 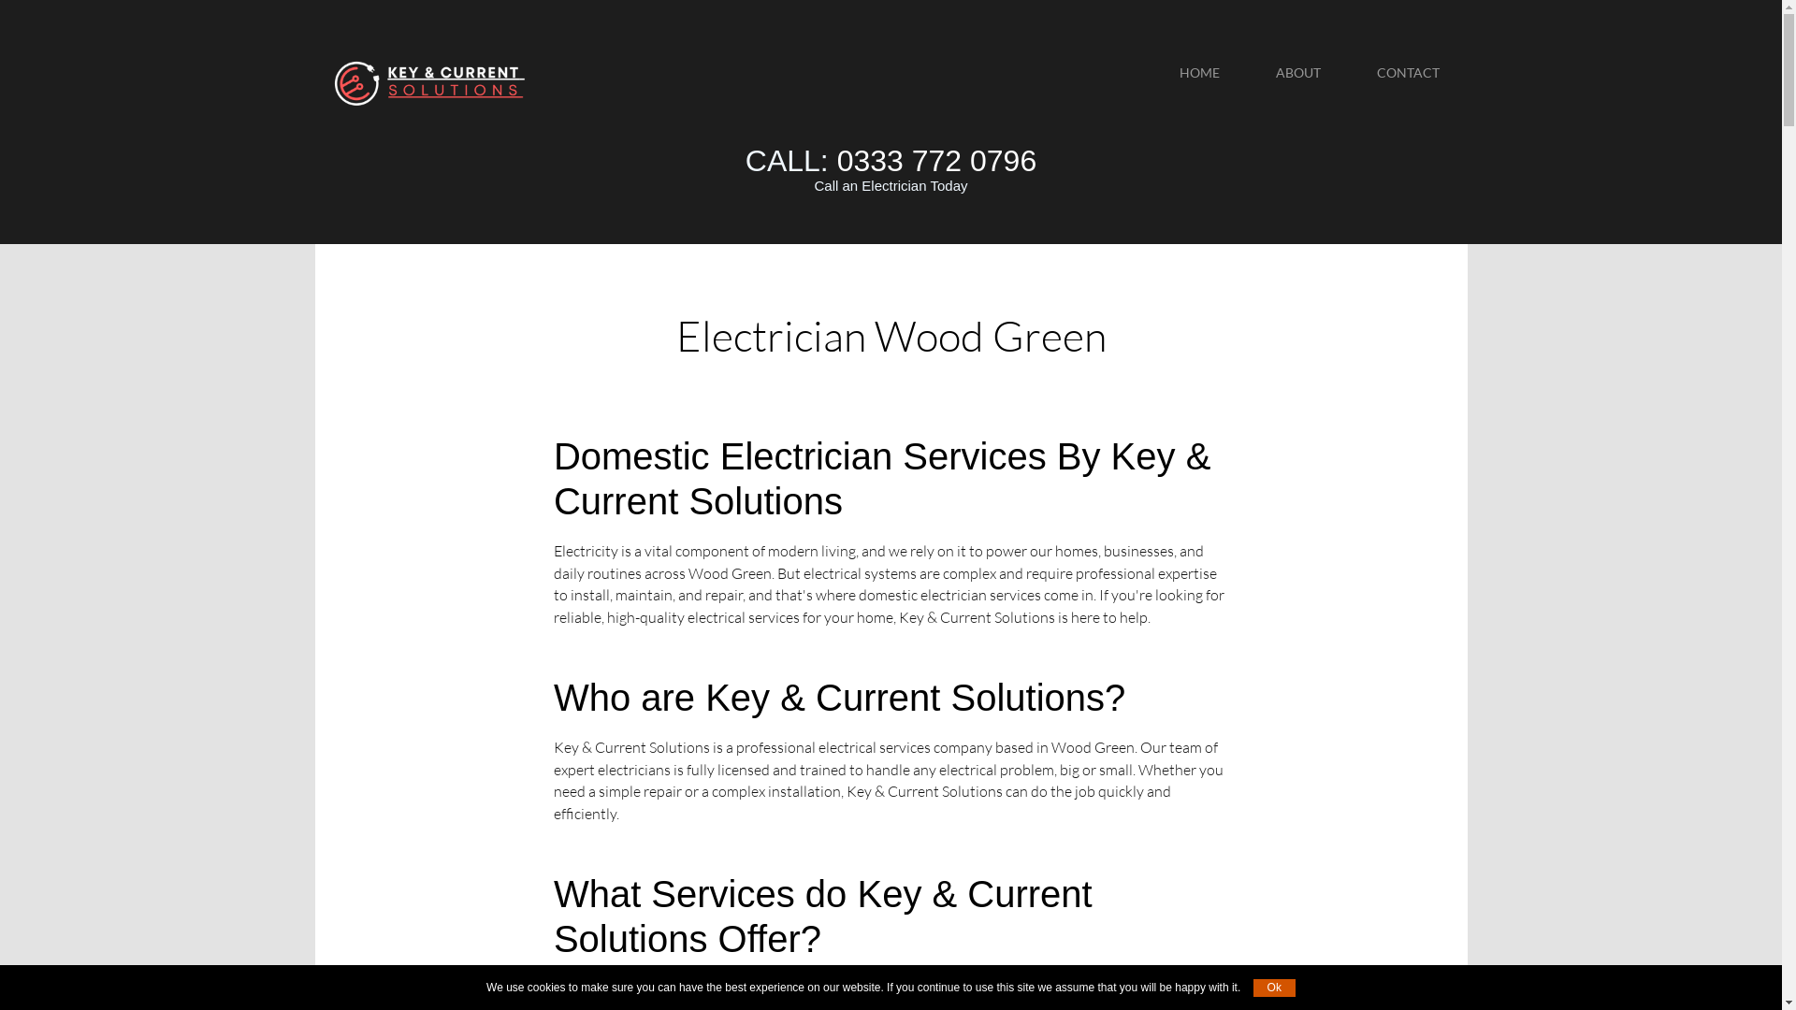 What do you see at coordinates (937, 160) in the screenshot?
I see `'0333 772 0796'` at bounding box center [937, 160].